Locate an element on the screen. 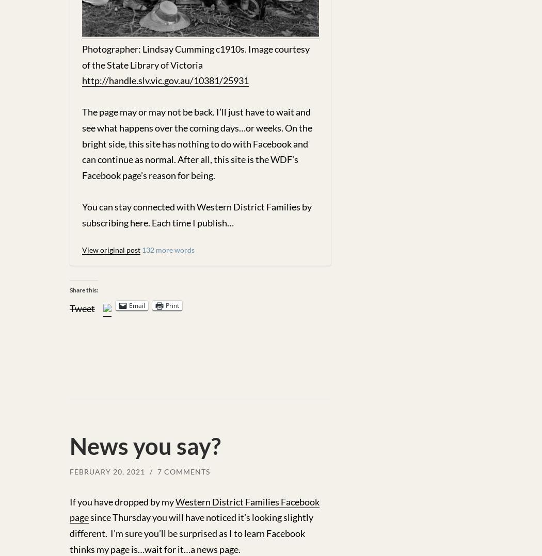  'Print' is located at coordinates (172, 305).